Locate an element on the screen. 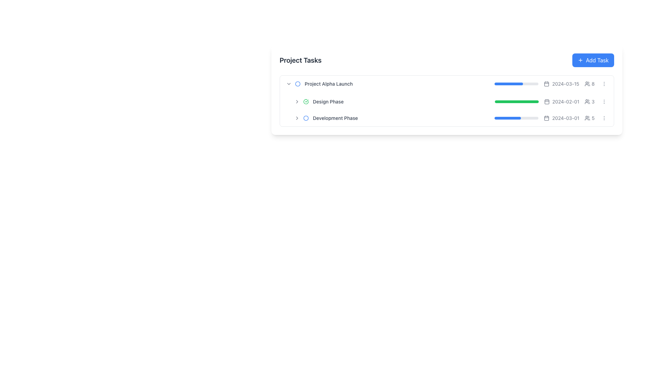 This screenshot has width=658, height=370. the 'Development Phase' text label, which is styled with a small font size, medium weight, and gray color, located in the project task list is located at coordinates (335, 118).